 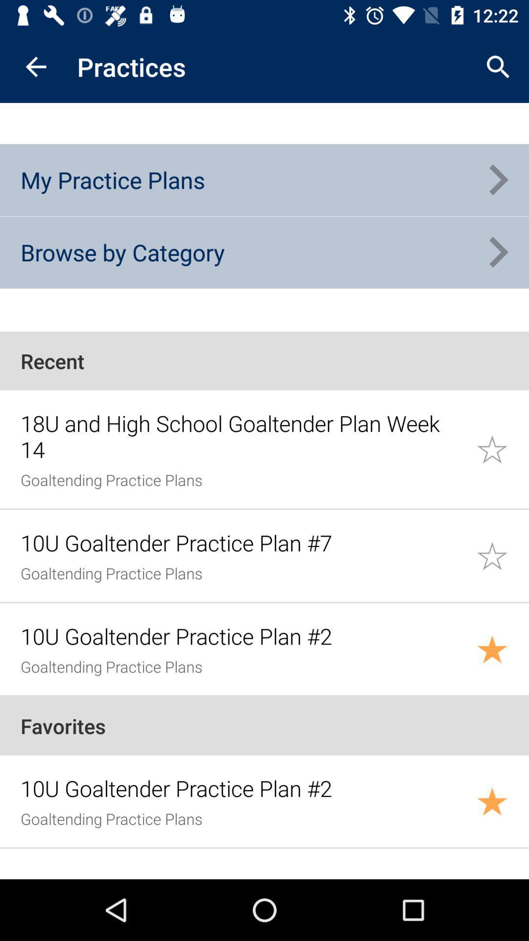 I want to click on the 18u and high icon, so click(x=242, y=436).